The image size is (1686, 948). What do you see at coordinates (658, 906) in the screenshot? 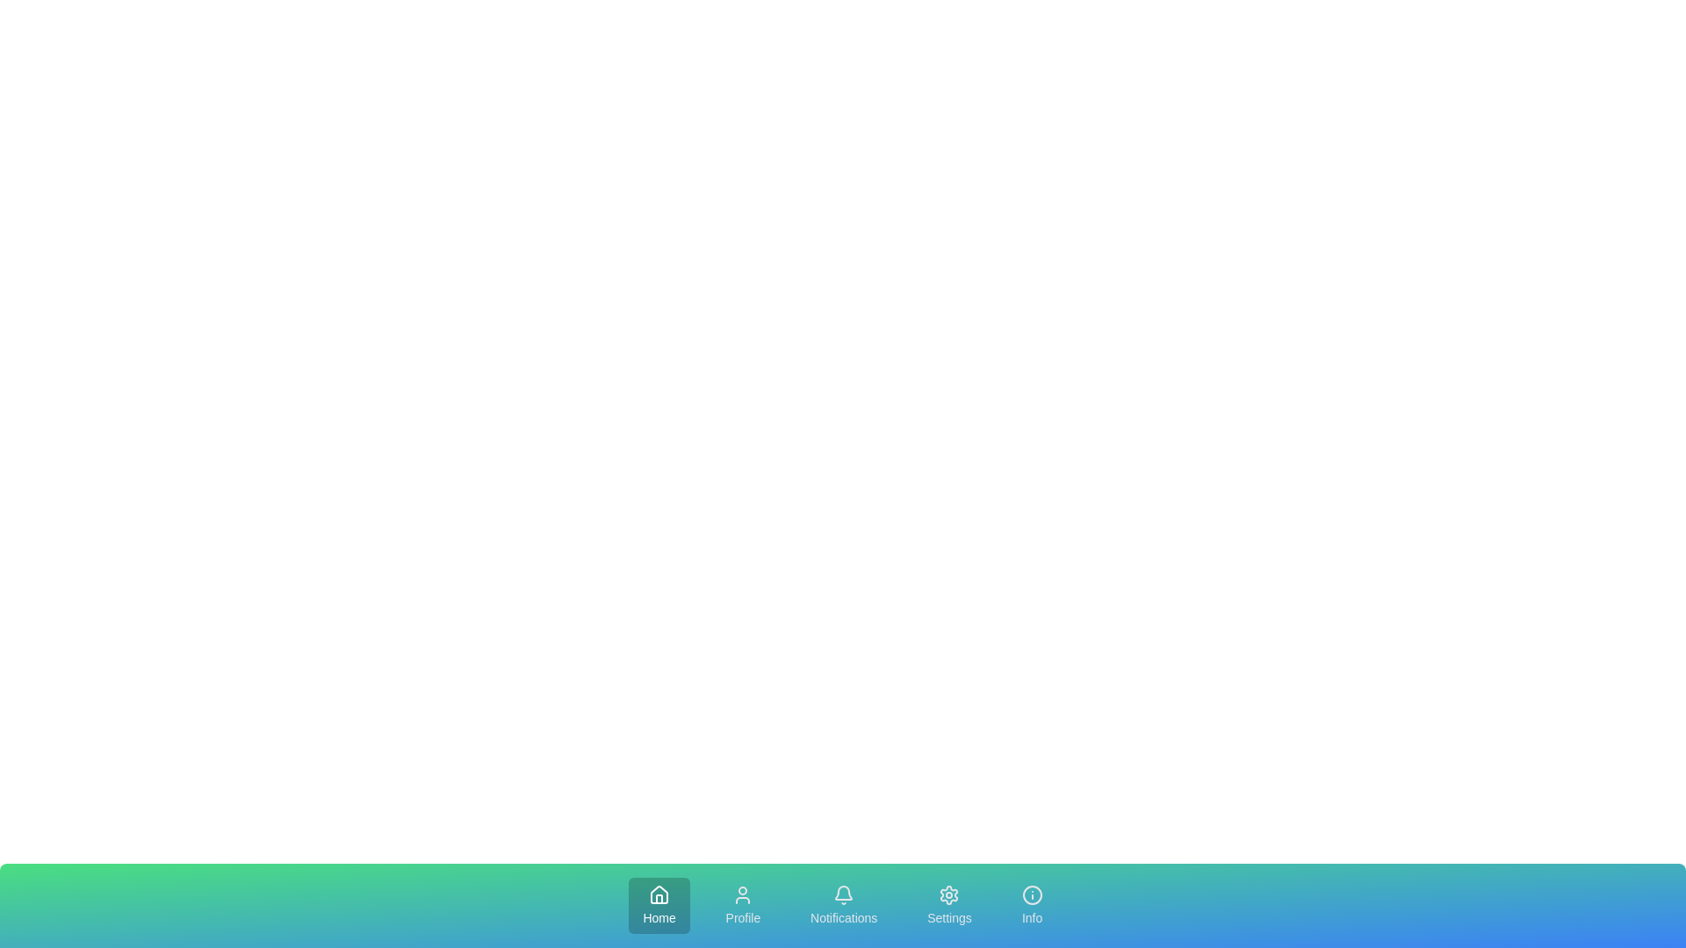
I see `the Home tab in the navigation bar` at bounding box center [658, 906].